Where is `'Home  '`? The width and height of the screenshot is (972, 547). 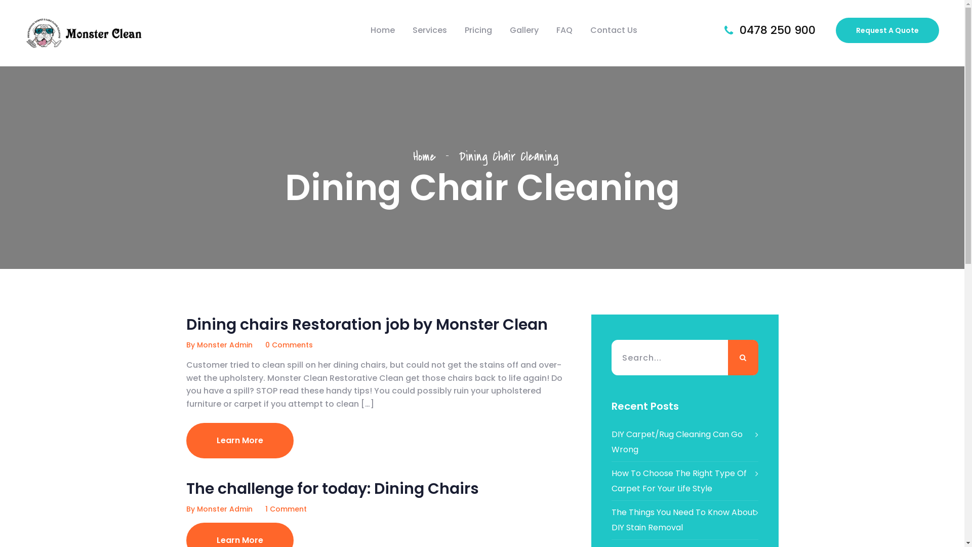
'Home  ' is located at coordinates (413, 156).